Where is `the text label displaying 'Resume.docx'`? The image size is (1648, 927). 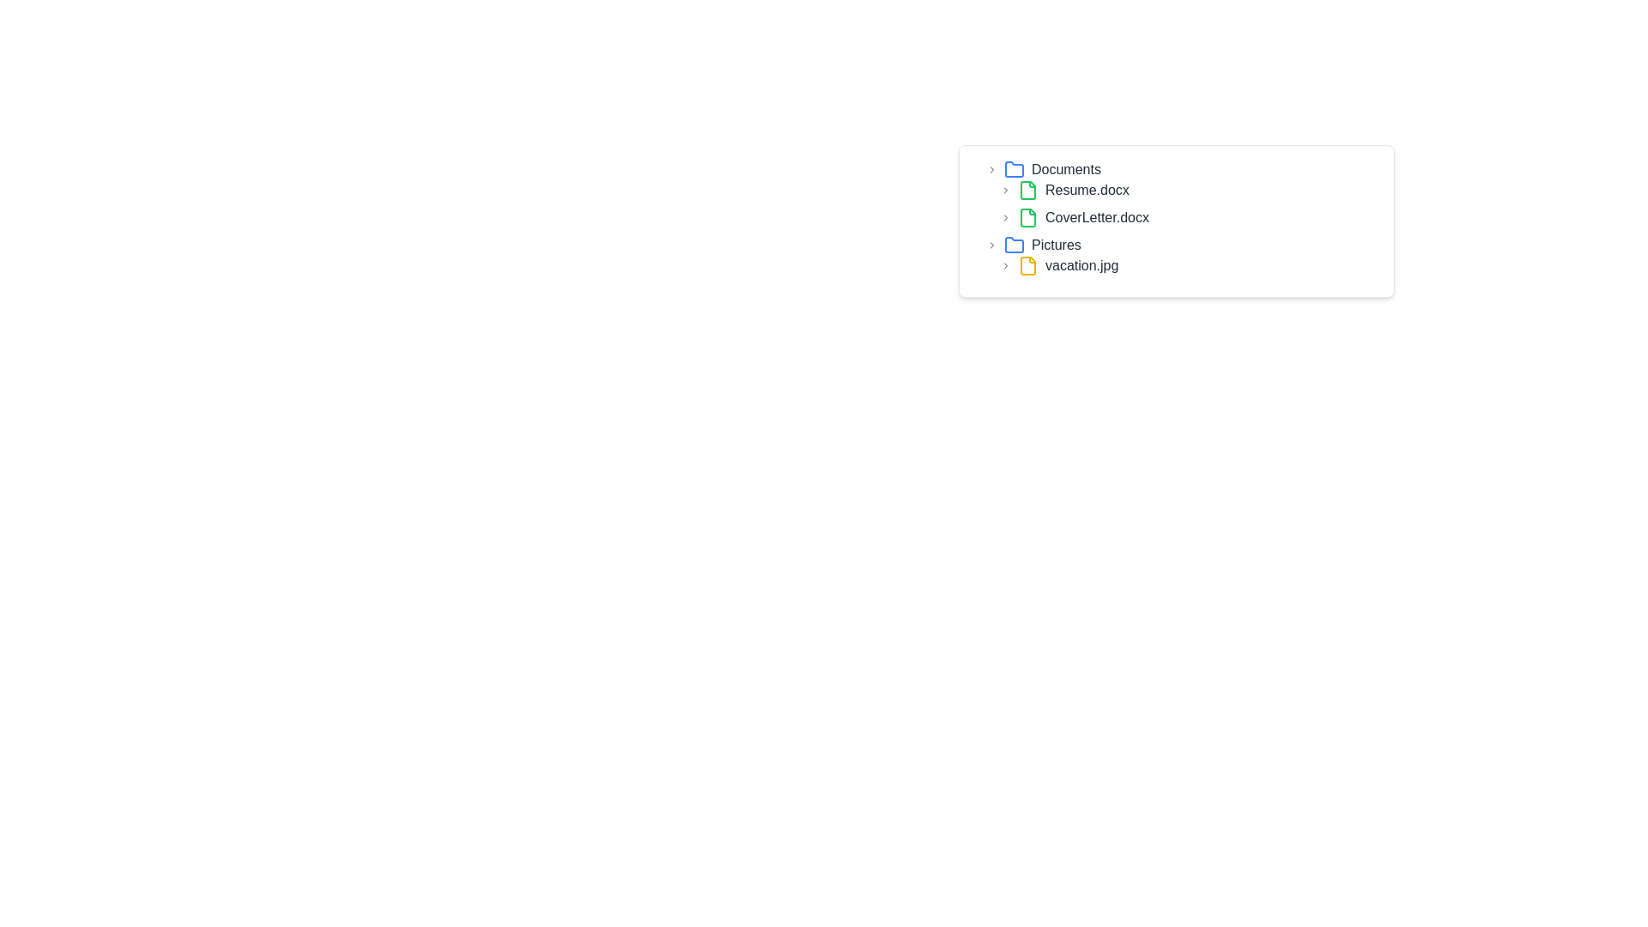
the text label displaying 'Resume.docx' is located at coordinates (1086, 191).